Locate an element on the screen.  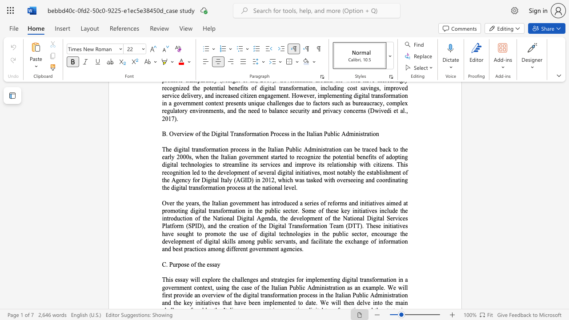
the subset text "opment of digi" within the text "to promote the use of digital technologies in the public sector, encourage the development of digital skills among p" is located at coordinates (175, 241).